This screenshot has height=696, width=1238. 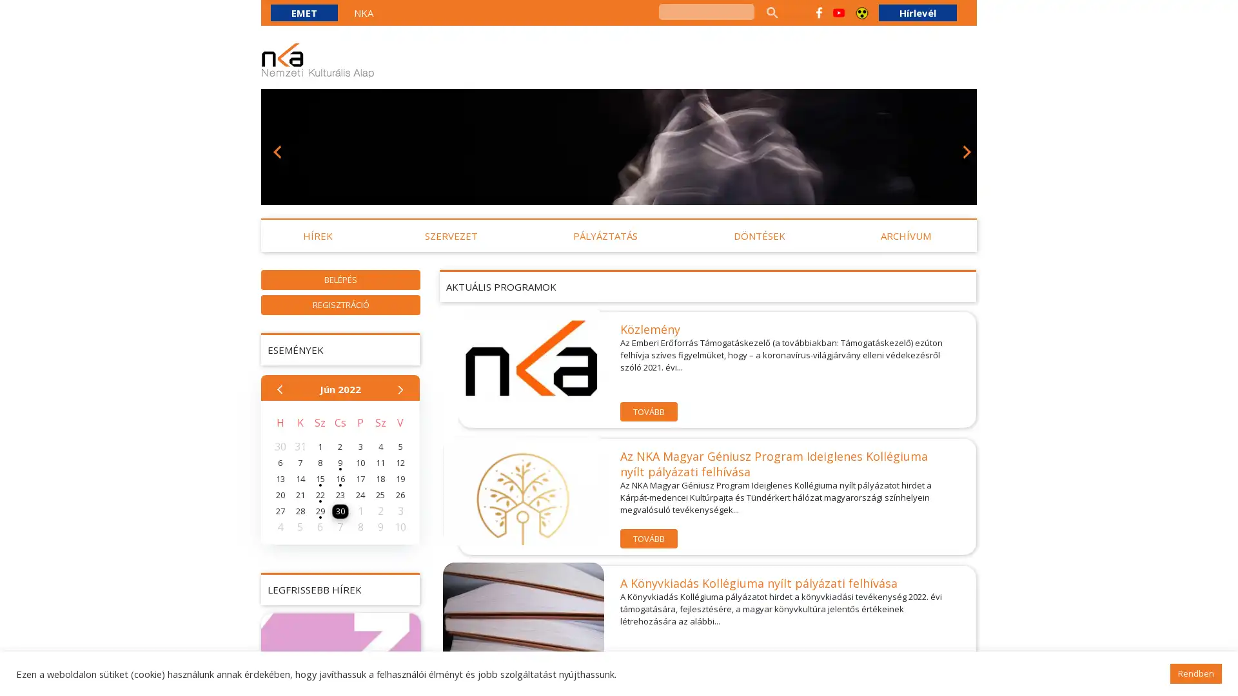 What do you see at coordinates (1195, 673) in the screenshot?
I see `Rendben` at bounding box center [1195, 673].